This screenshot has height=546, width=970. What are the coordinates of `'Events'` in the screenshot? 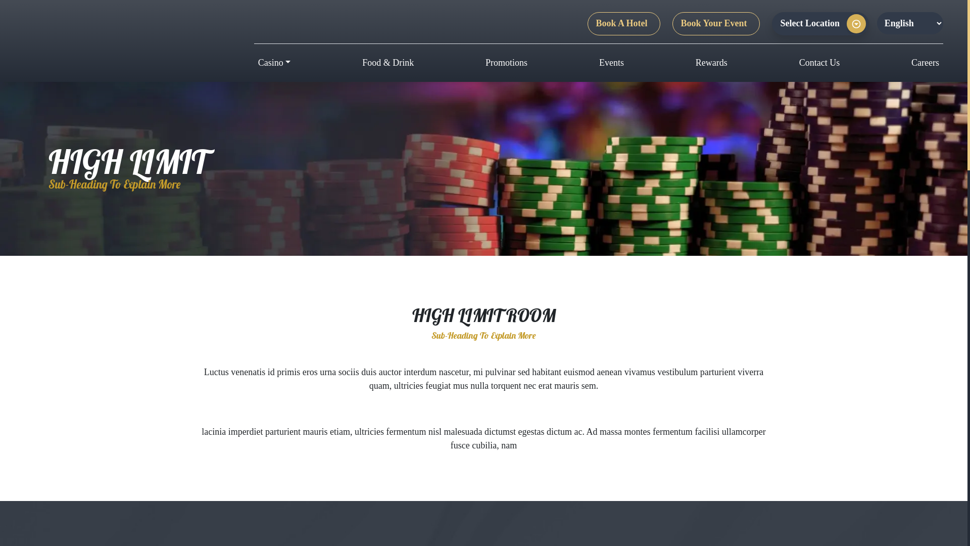 It's located at (611, 63).